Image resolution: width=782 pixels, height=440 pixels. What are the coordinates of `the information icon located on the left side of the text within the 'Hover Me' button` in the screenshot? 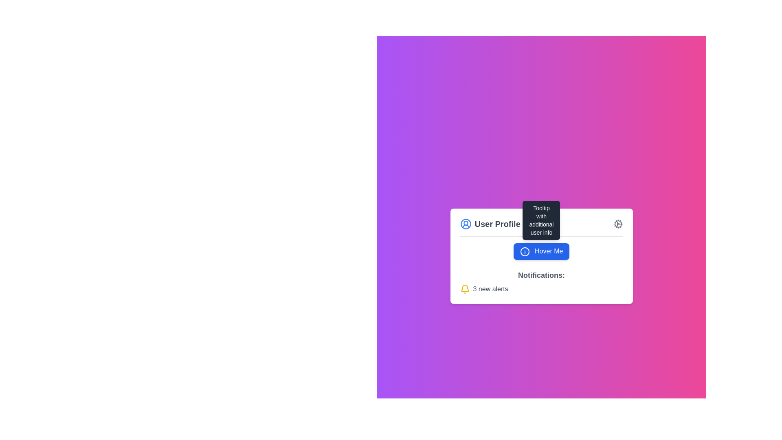 It's located at (525, 251).